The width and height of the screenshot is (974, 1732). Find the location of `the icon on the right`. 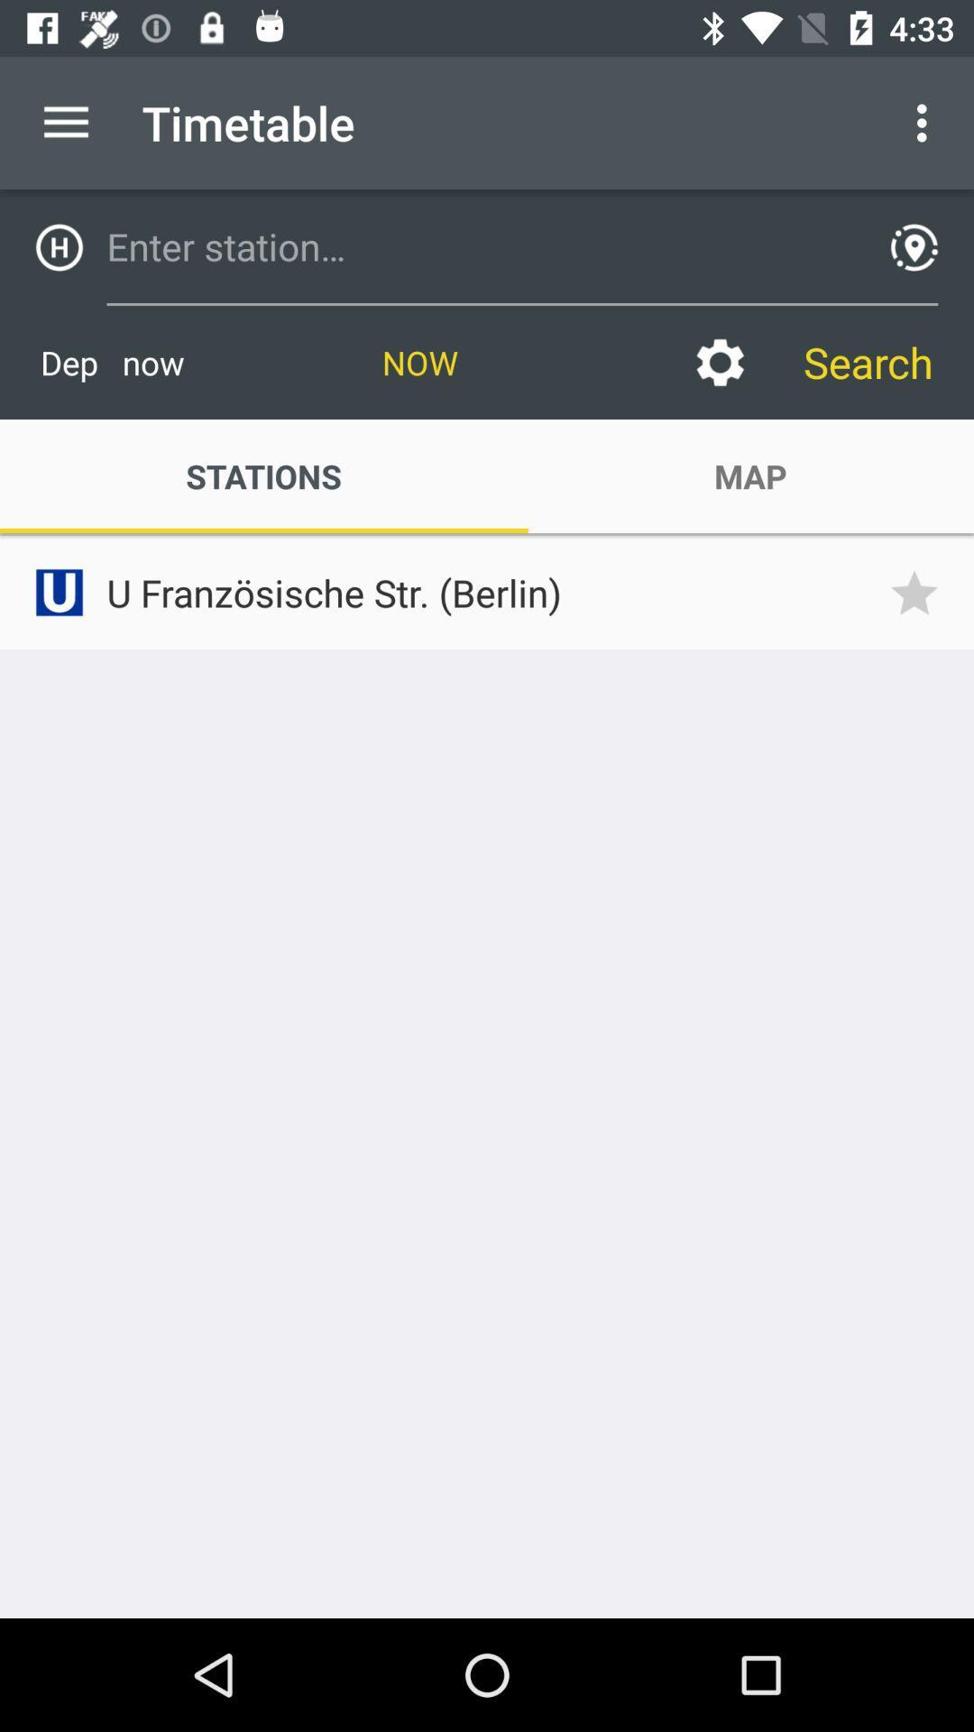

the icon on the right is located at coordinates (920, 593).